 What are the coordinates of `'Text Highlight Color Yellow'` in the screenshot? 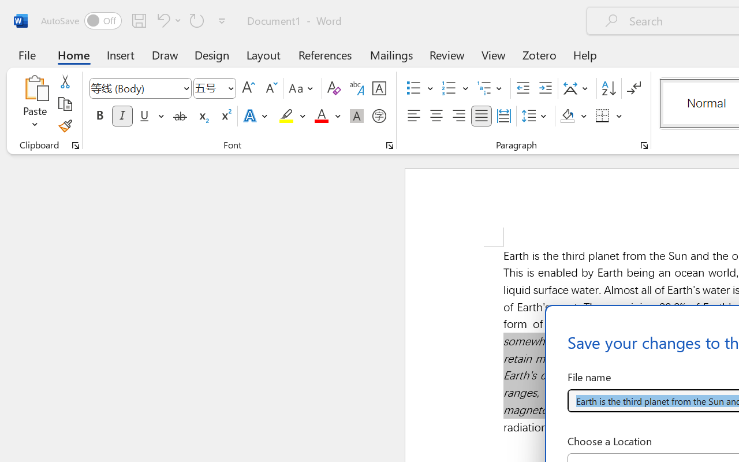 It's located at (286, 116).